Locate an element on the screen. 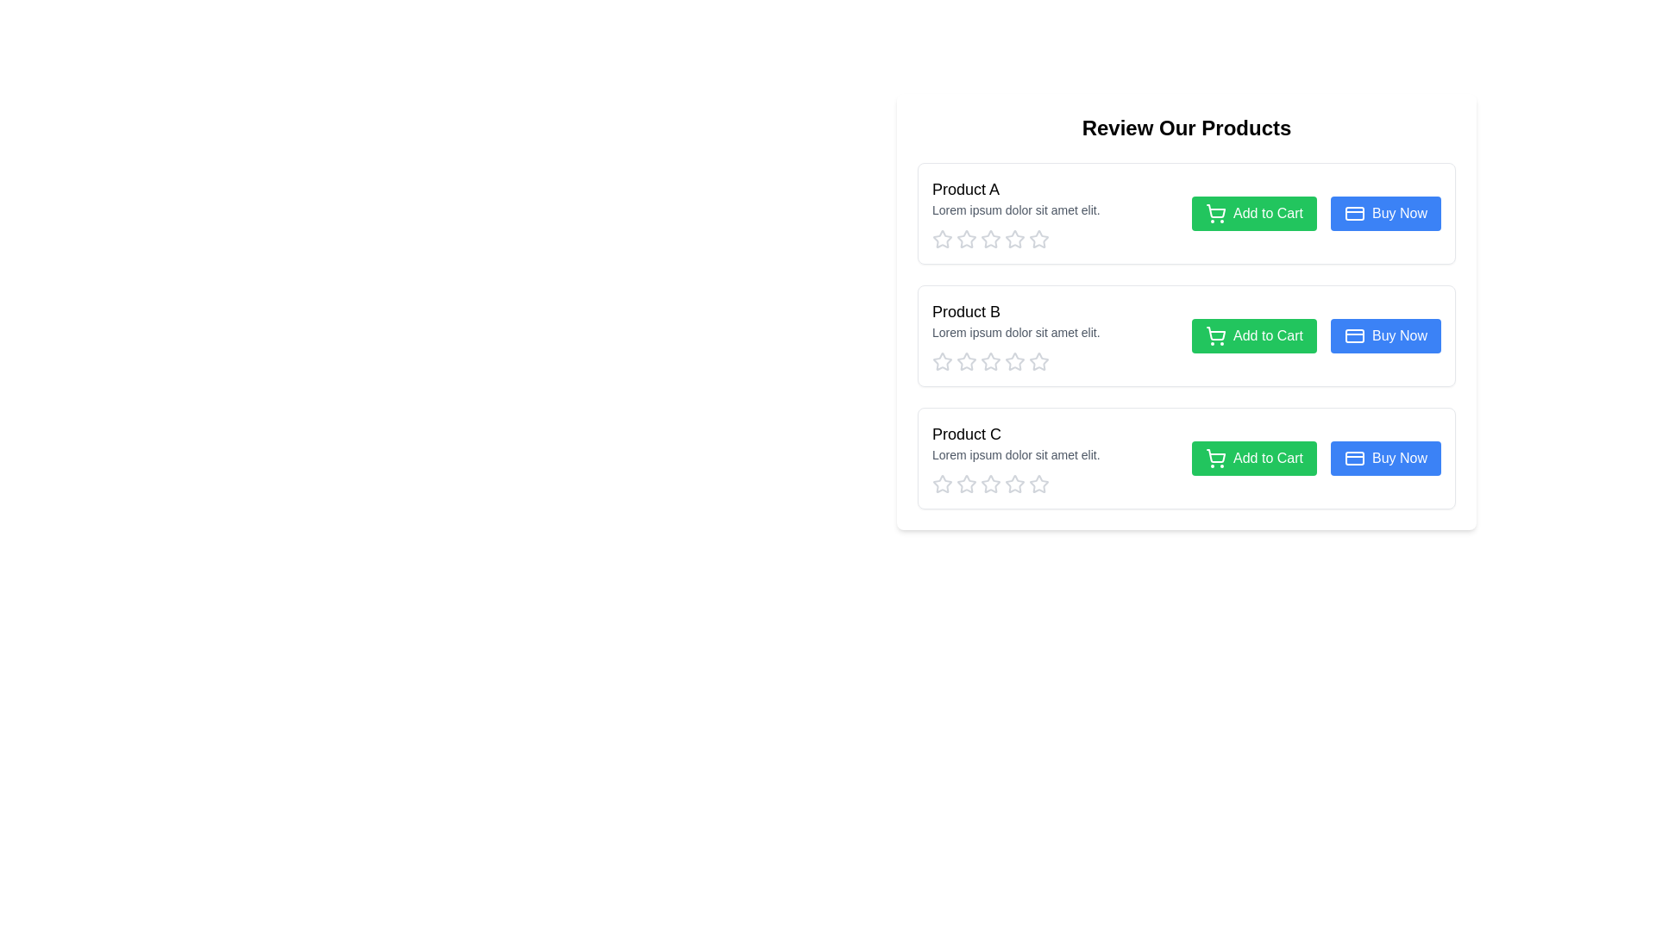 This screenshot has width=1656, height=931. the center star of the Rating system with interactive stars located at the bottom of the 'Product C' section is located at coordinates (990, 484).